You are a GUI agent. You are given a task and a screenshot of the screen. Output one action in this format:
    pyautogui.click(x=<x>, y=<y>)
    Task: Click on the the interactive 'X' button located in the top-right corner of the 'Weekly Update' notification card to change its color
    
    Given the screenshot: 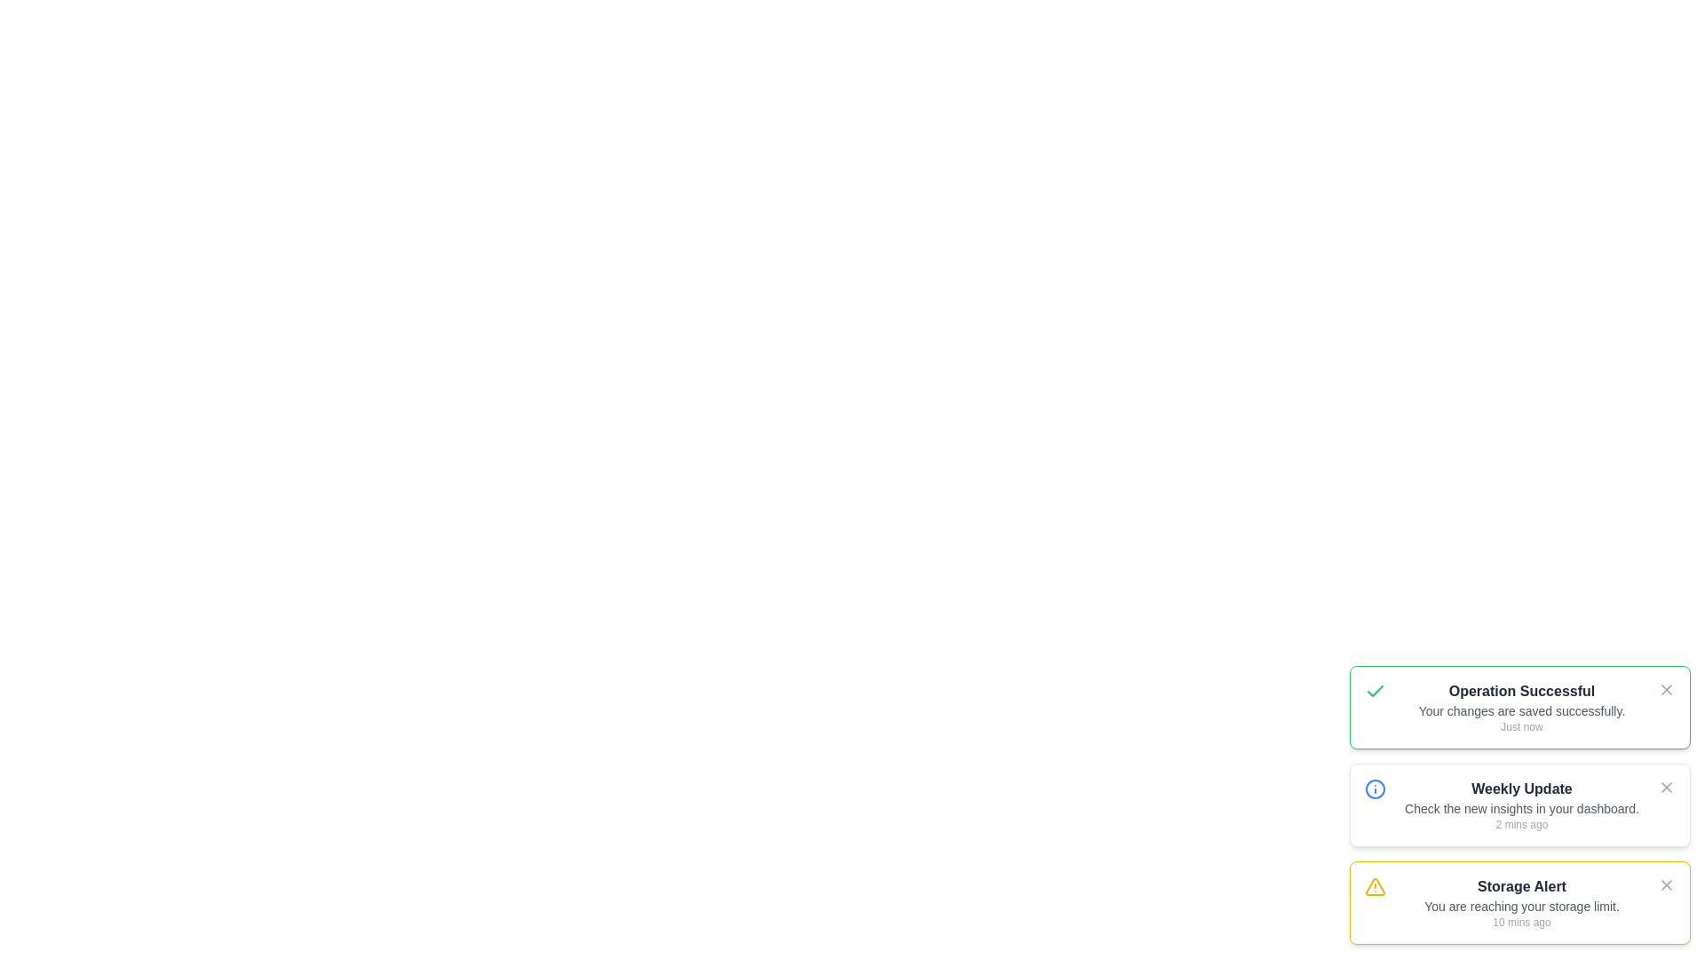 What is the action you would take?
    pyautogui.click(x=1665, y=787)
    